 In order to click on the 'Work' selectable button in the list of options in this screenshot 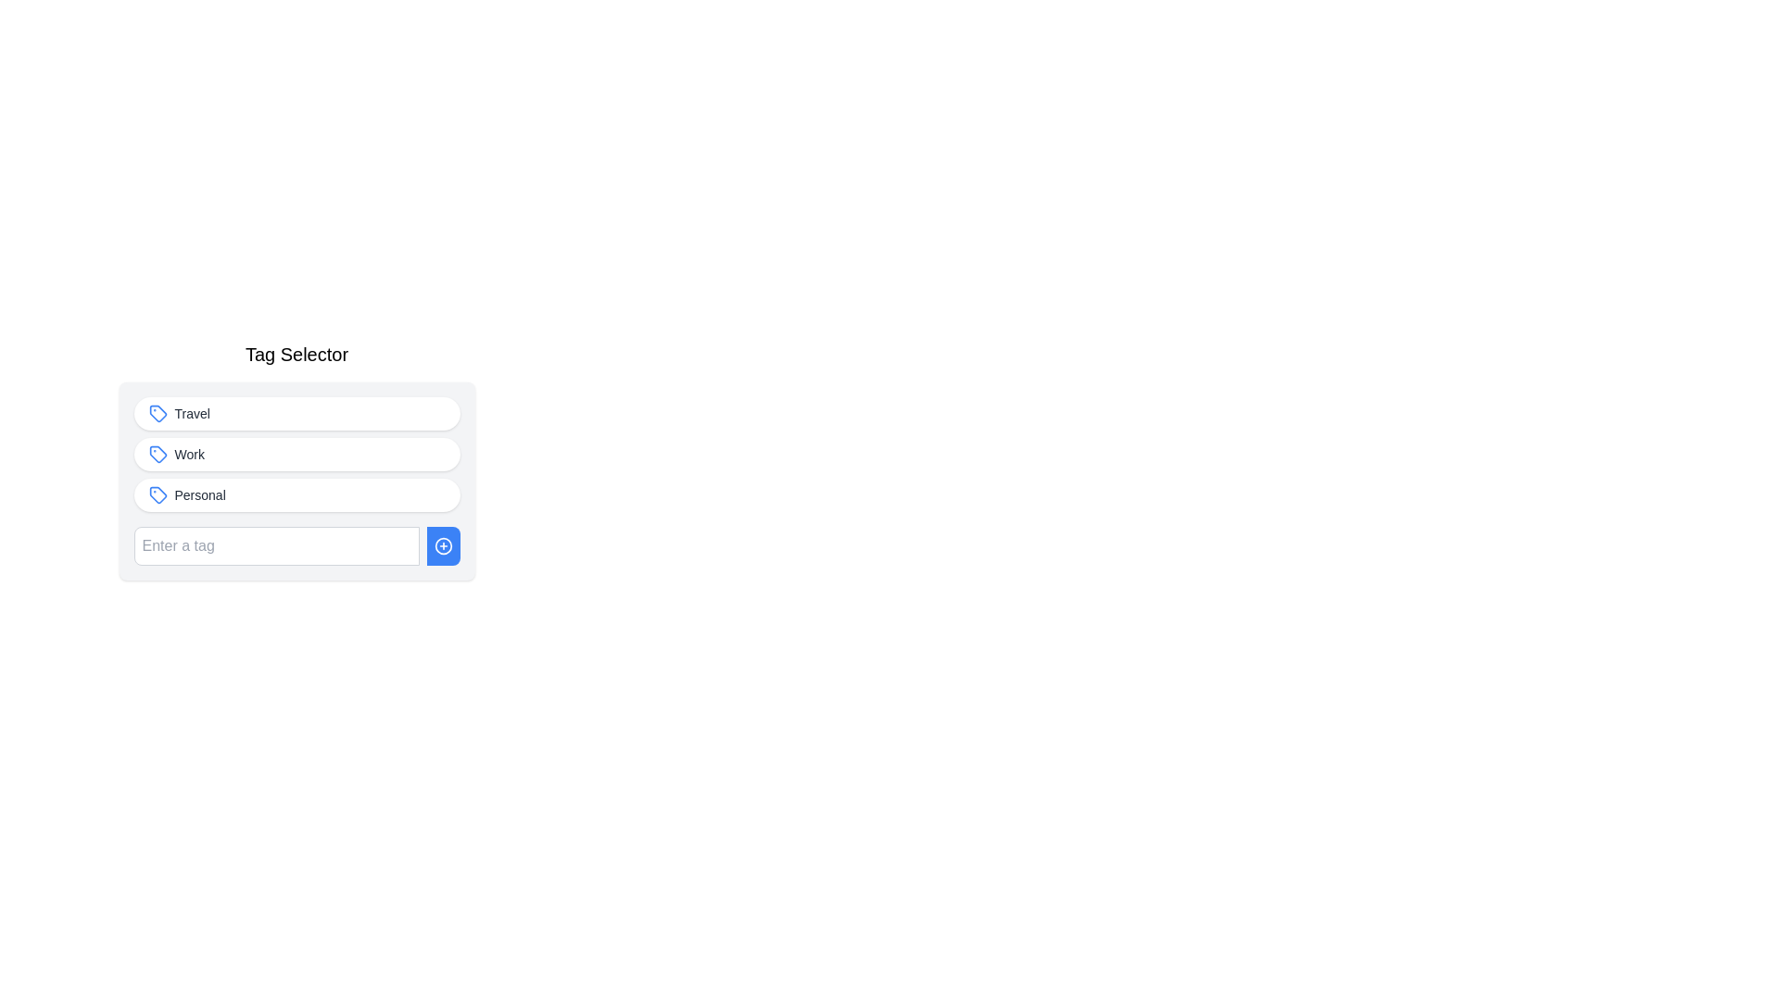, I will do `click(296, 454)`.